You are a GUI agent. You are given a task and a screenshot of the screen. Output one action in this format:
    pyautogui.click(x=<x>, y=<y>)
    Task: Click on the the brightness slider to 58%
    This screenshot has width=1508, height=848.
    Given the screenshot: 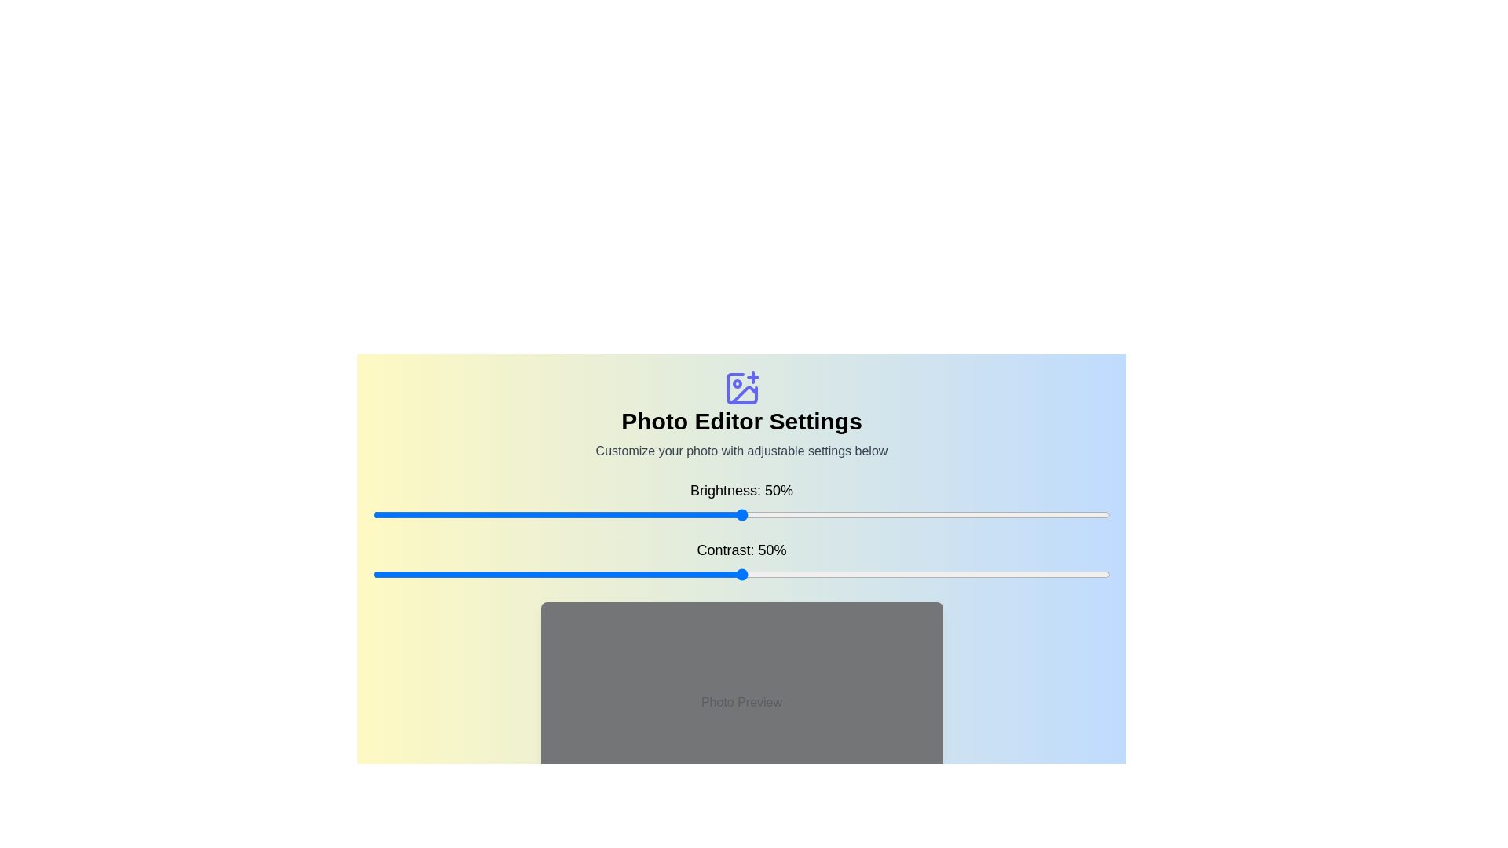 What is the action you would take?
    pyautogui.click(x=800, y=514)
    